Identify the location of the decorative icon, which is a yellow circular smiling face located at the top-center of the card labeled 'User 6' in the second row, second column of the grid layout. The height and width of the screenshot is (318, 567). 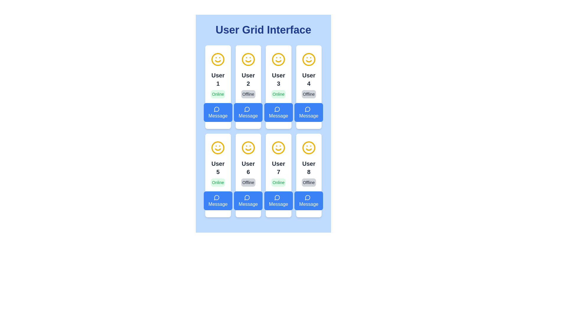
(248, 147).